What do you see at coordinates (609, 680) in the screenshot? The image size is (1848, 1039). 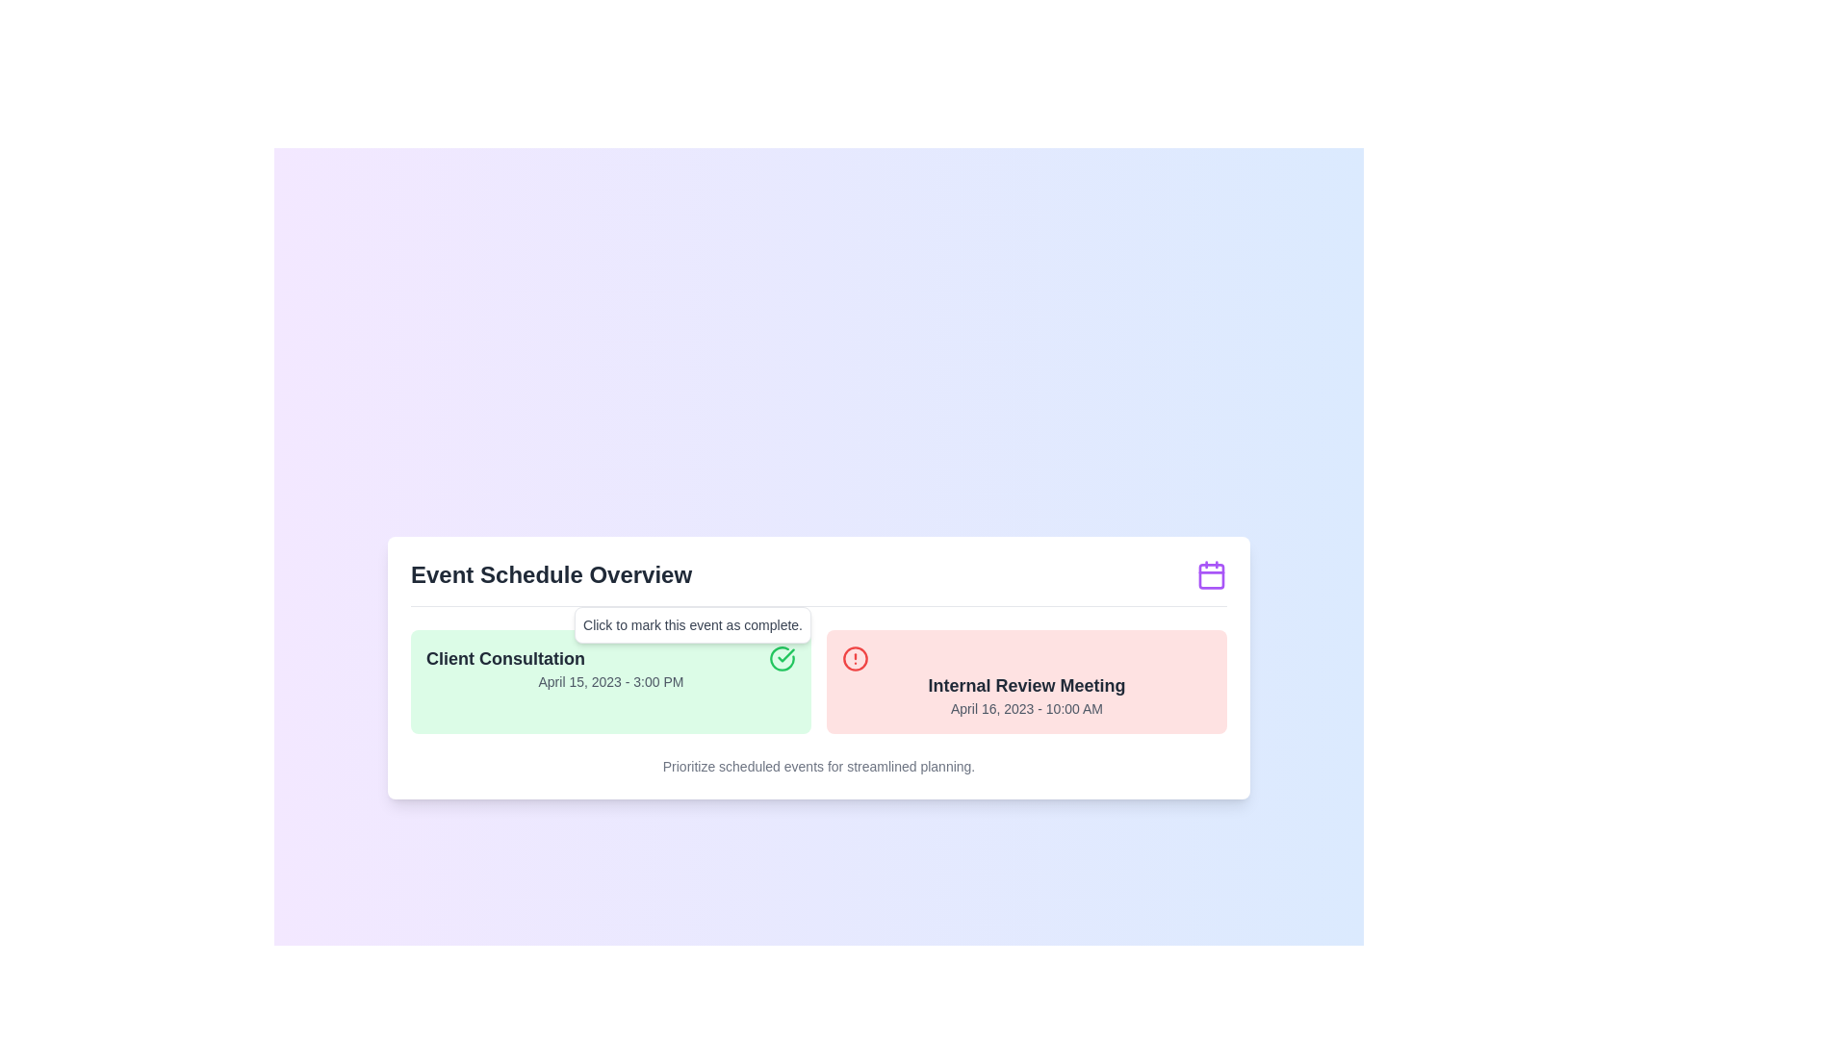 I see `the label displaying the scheduled time and date for the 'Client Consultation' event, which is centrally aligned at the bottom of the green card` at bounding box center [609, 680].